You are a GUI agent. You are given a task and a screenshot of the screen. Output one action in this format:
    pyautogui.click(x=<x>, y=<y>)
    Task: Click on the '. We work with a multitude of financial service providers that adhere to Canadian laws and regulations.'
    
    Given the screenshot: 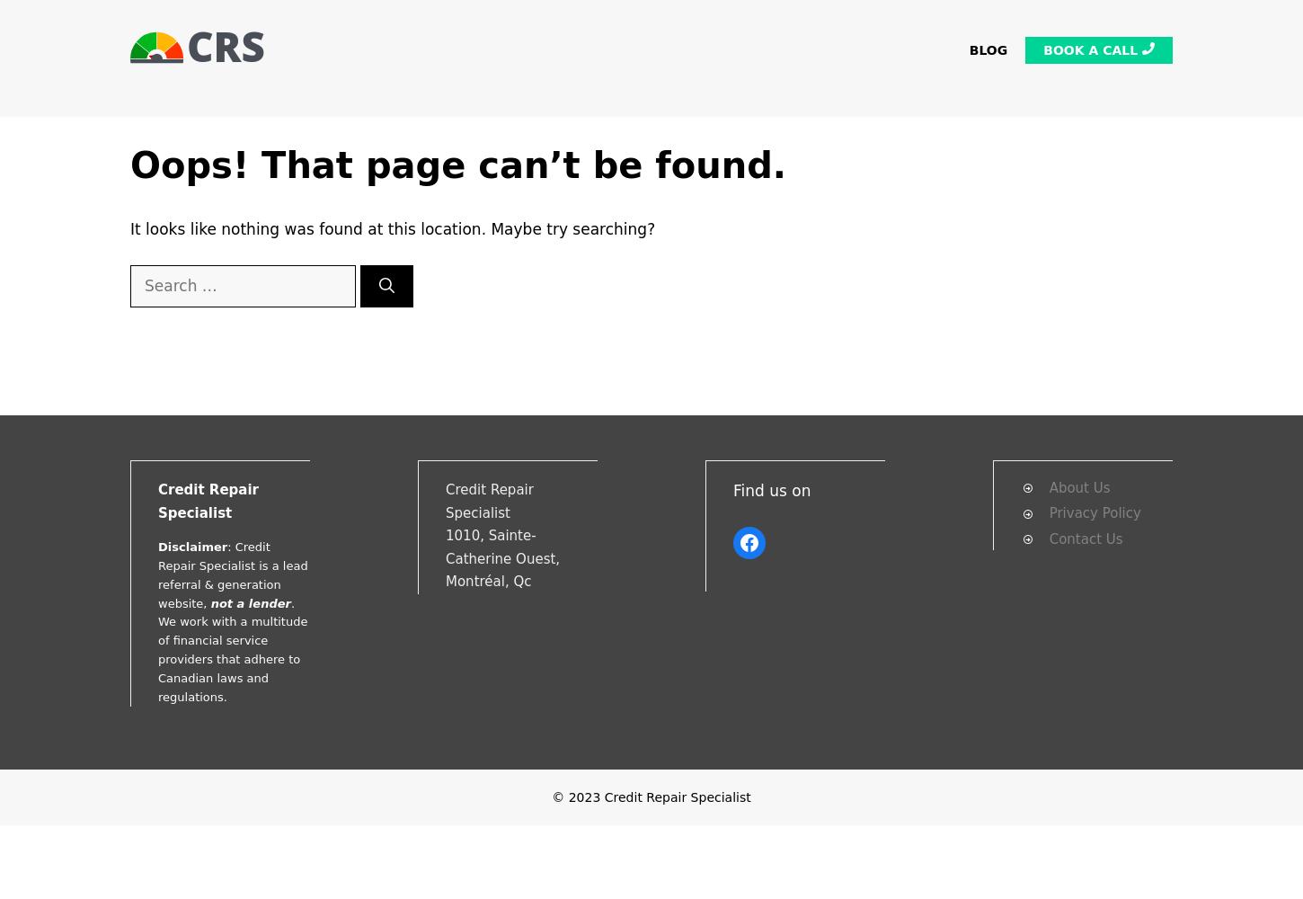 What is the action you would take?
    pyautogui.click(x=232, y=648)
    